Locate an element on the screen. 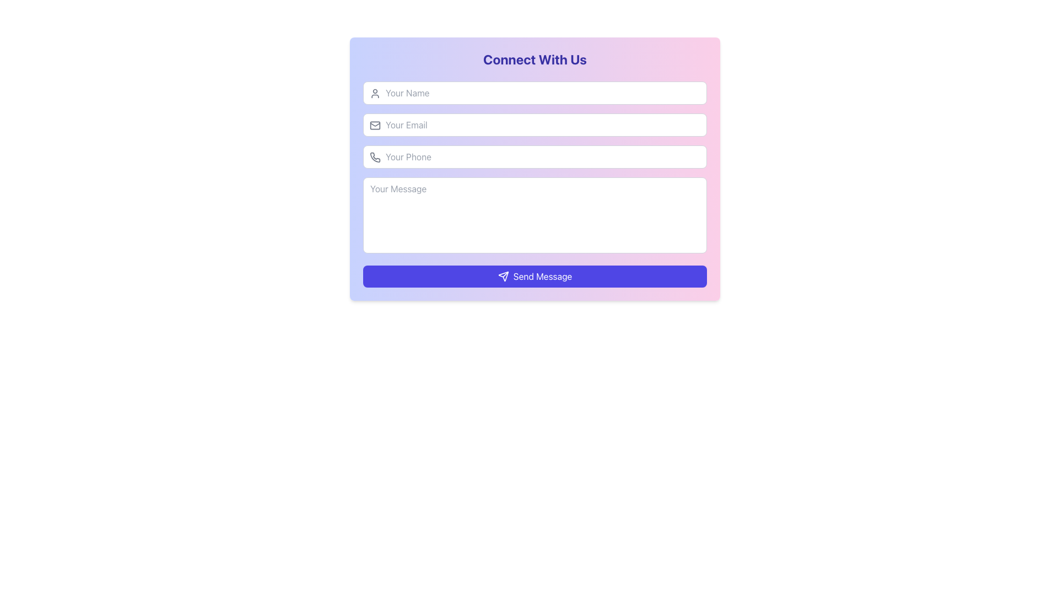 The width and height of the screenshot is (1058, 595). the gray outline icon of a user or avatar located in the upper left corner of the 'Your Name' text field is located at coordinates (375, 93).